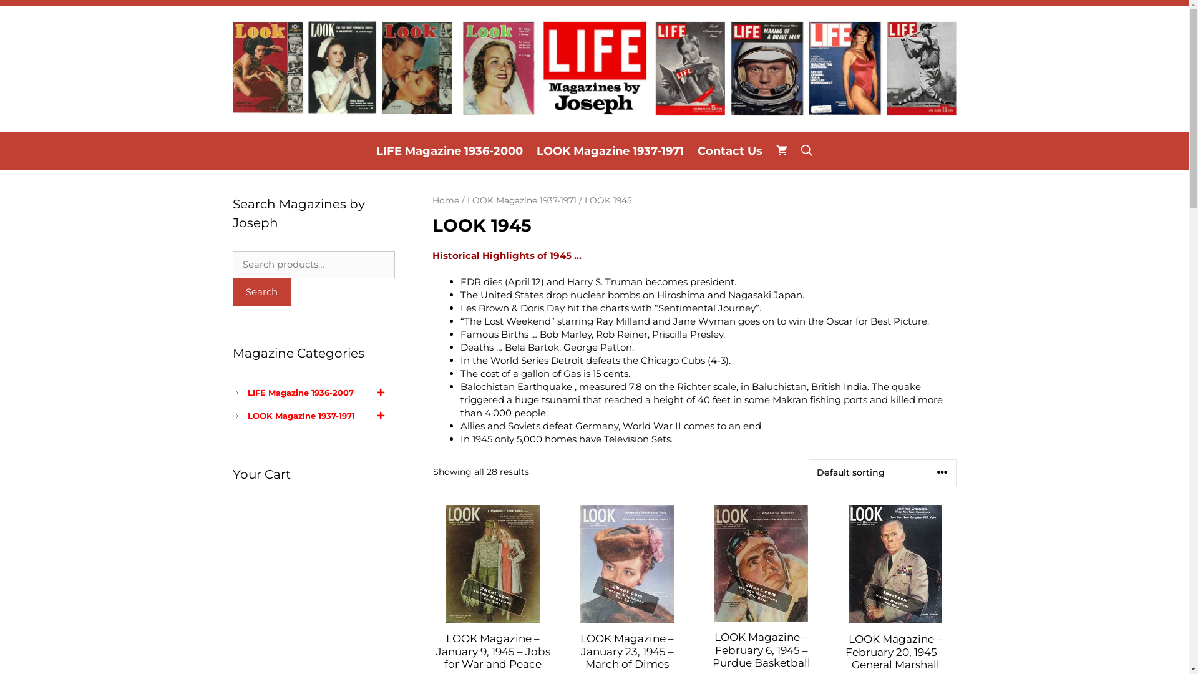 This screenshot has width=1198, height=674. What do you see at coordinates (521, 199) in the screenshot?
I see `'LOOK Magazine 1937-1971'` at bounding box center [521, 199].